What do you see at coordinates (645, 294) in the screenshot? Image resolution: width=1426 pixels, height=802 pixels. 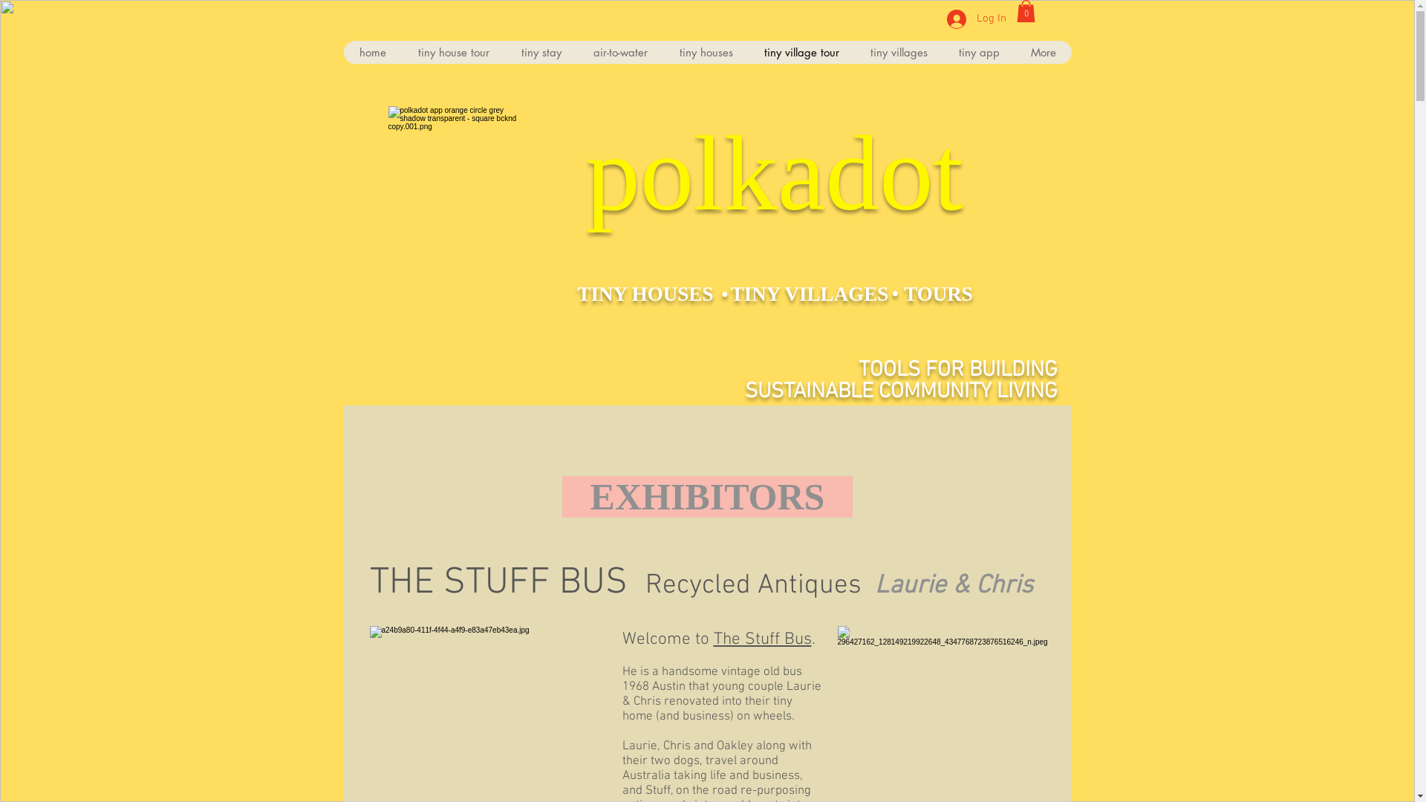 I see `'TINY HOUSES'` at bounding box center [645, 294].